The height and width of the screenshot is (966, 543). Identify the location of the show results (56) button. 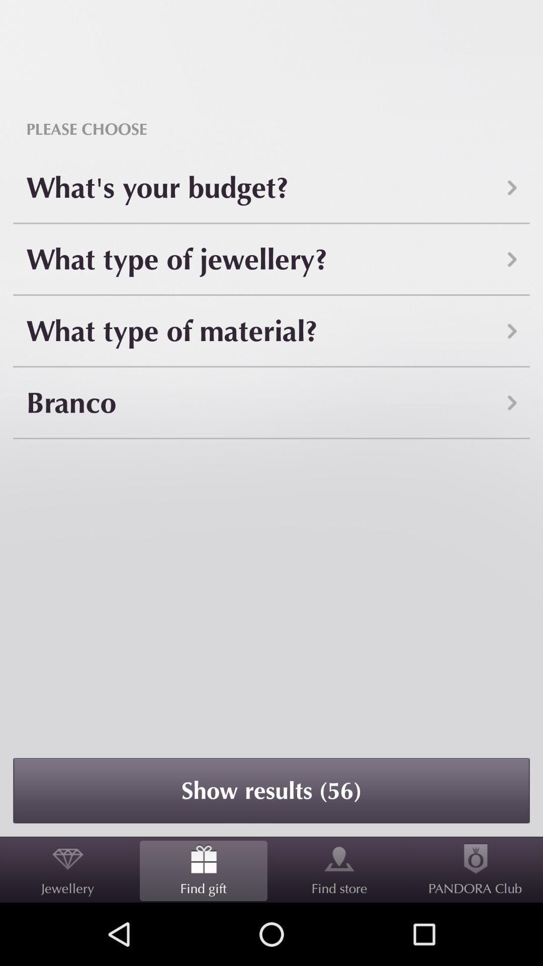
(271, 790).